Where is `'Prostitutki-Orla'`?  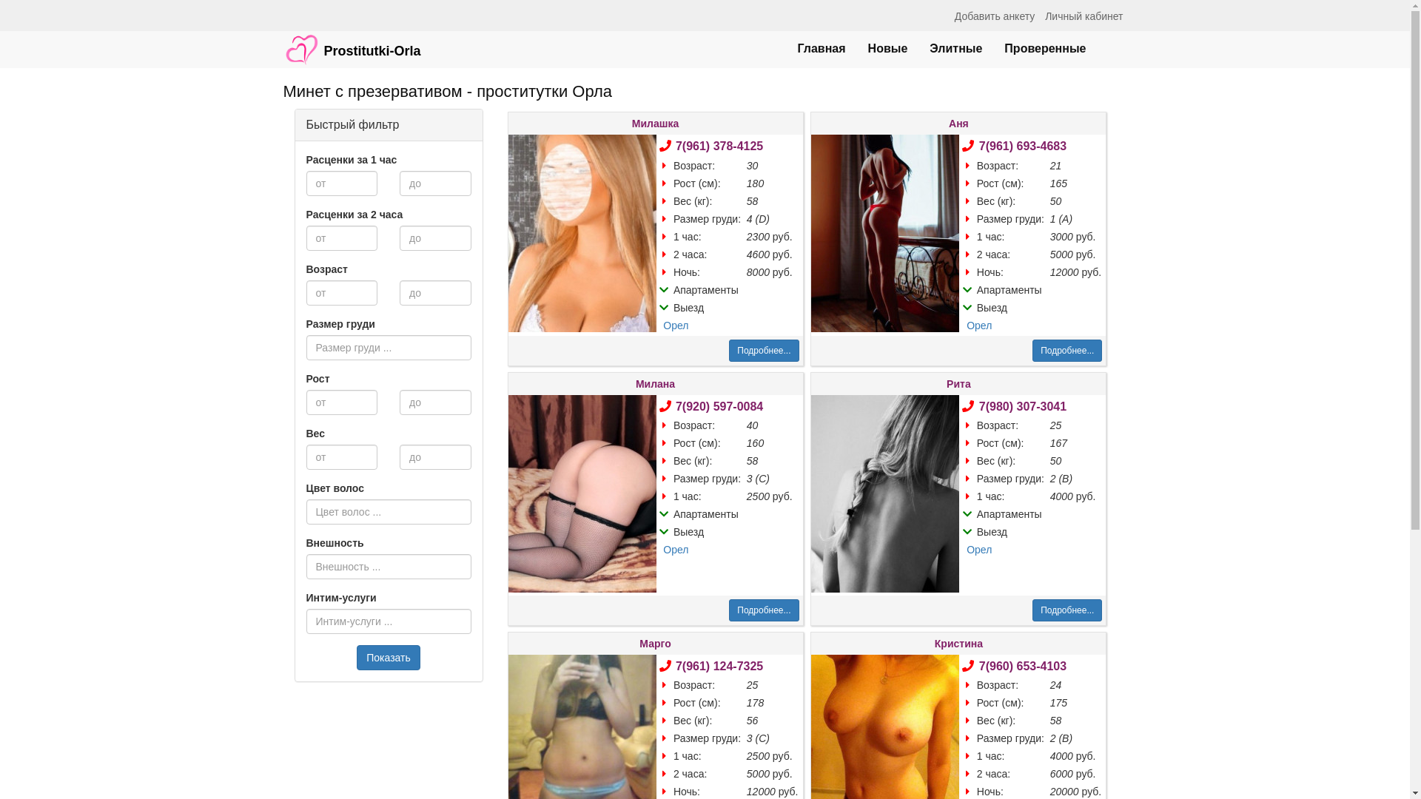 'Prostitutki-Orla' is located at coordinates (351, 41).